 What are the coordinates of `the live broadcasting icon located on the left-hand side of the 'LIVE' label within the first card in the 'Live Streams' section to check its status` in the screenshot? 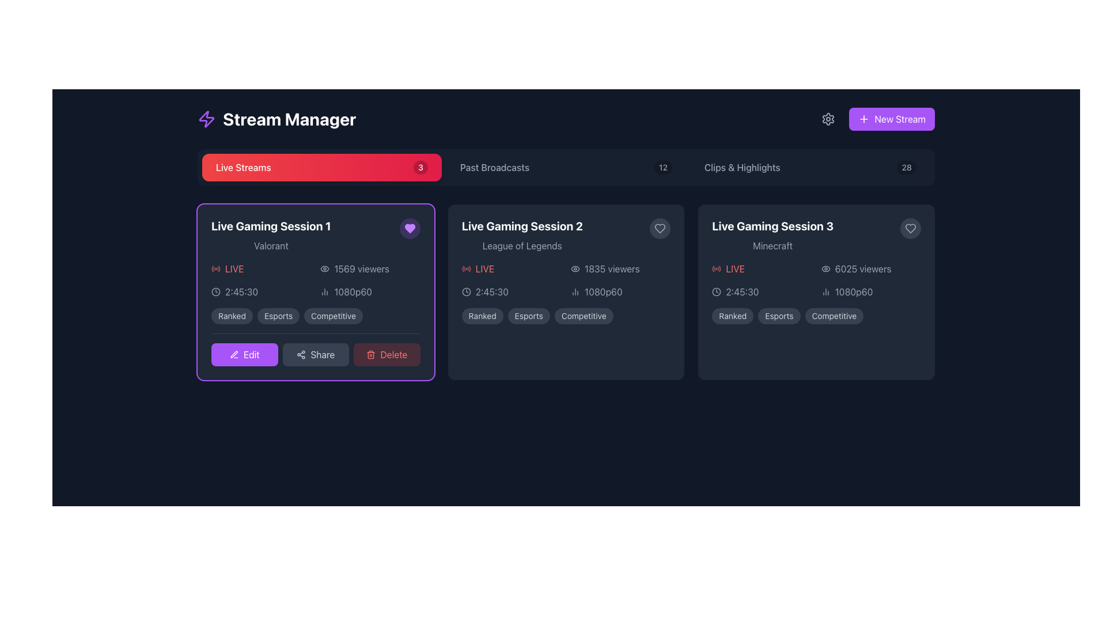 It's located at (215, 268).